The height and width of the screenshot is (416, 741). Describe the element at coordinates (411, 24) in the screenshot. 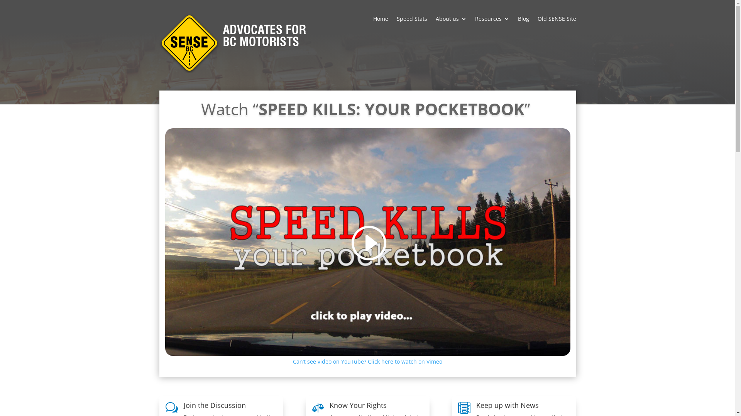

I see `'Speed Stats'` at that location.